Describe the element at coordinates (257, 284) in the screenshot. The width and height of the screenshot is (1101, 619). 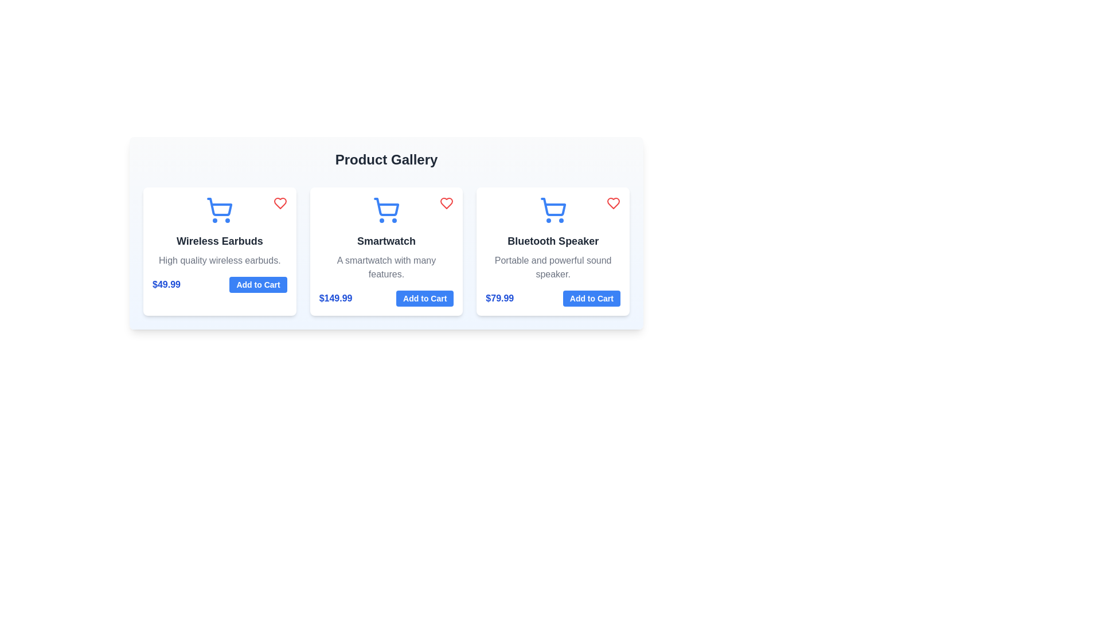
I see `'Add to Cart' button for the product Wireless Earbuds` at that location.